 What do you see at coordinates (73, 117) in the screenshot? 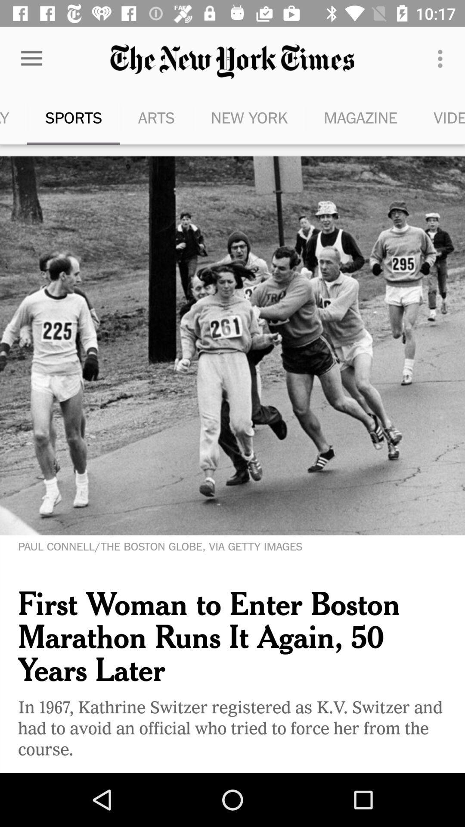
I see `icon next to arts icon` at bounding box center [73, 117].